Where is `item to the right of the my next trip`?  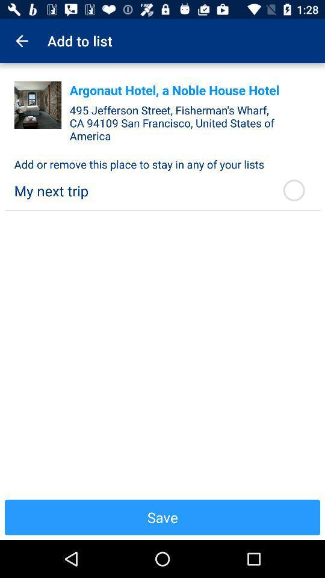
item to the right of the my next trip is located at coordinates (293, 190).